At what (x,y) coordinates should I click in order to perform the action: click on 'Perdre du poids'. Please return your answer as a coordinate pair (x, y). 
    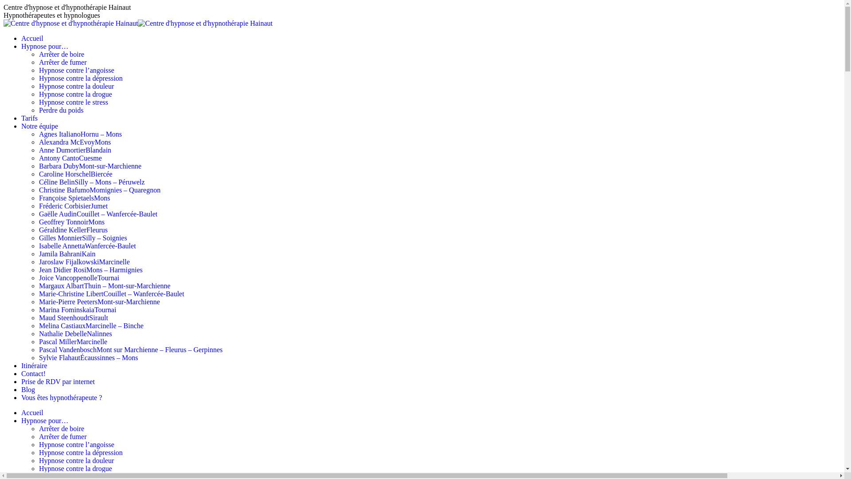
    Looking at the image, I should click on (61, 110).